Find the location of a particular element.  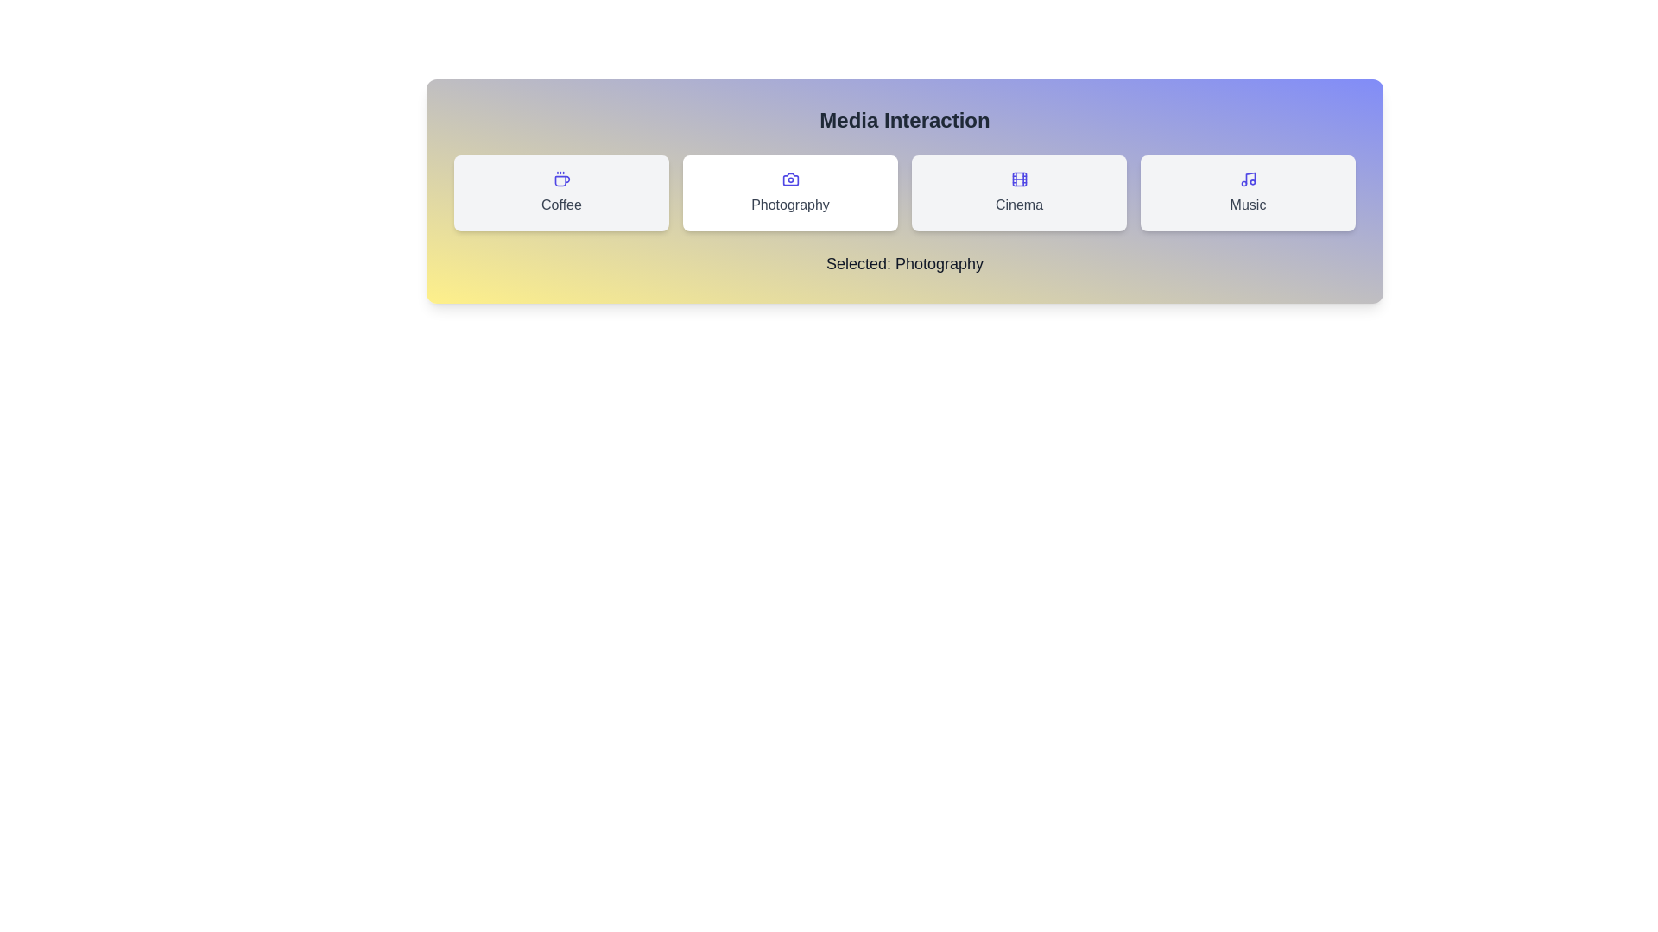

the small indigo music note icon located at the top-center of the 'Music' card, which is the fourth card from the left in a horizontal array is located at coordinates (1248, 179).